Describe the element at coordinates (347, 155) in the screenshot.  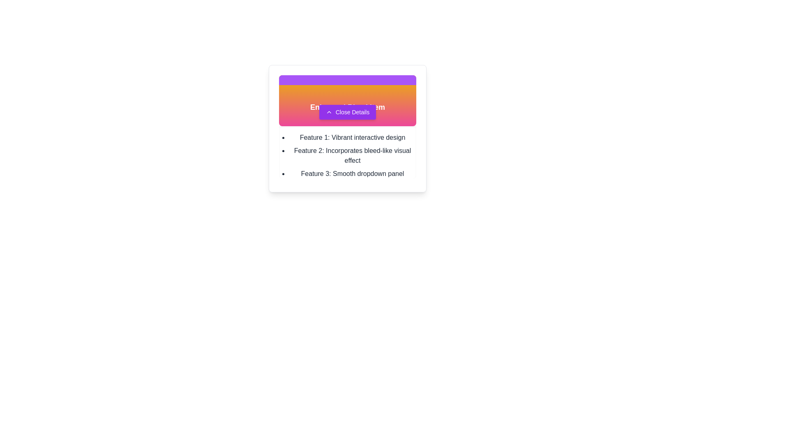
I see `the unordered list containing features like 'Feature 1: Vibrant interactive design', 'Feature 2: Incorporates bleed-like visual effect', and 'Feature 3: Smooth dropdown panel'` at that location.